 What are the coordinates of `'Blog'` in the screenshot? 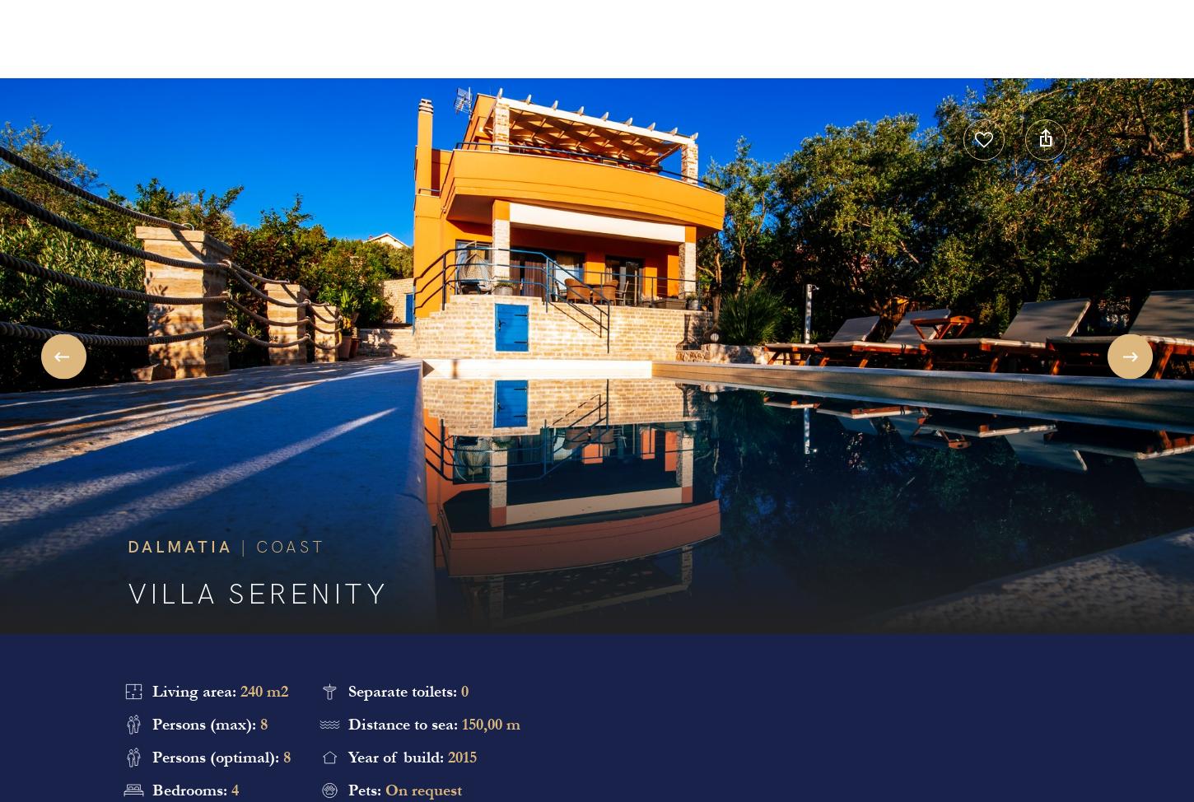 It's located at (688, 40).